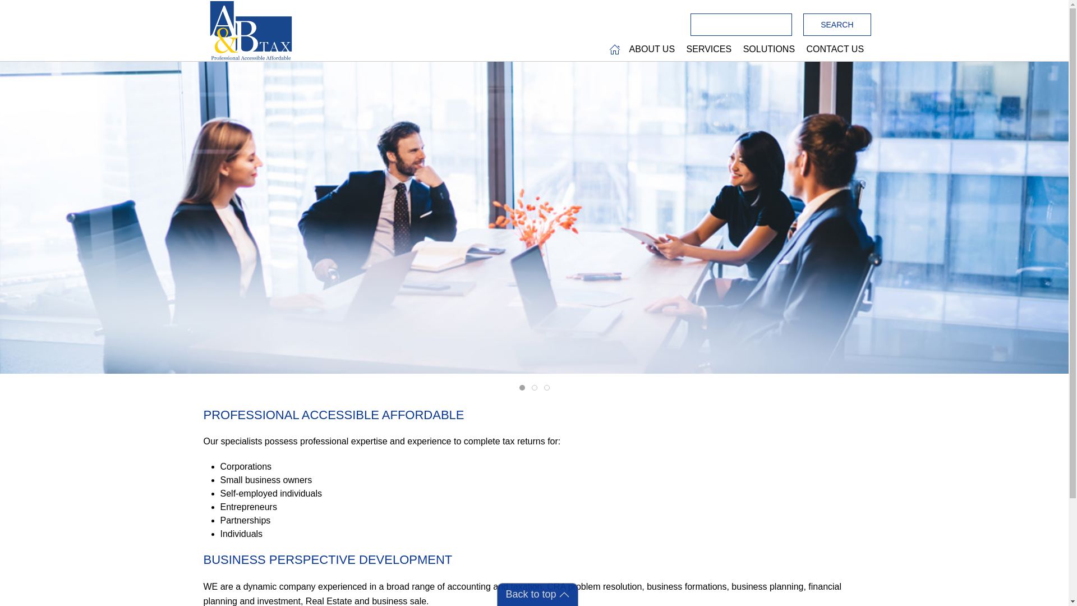 This screenshot has width=1077, height=606. What do you see at coordinates (710, 49) in the screenshot?
I see `'SERVICES '` at bounding box center [710, 49].